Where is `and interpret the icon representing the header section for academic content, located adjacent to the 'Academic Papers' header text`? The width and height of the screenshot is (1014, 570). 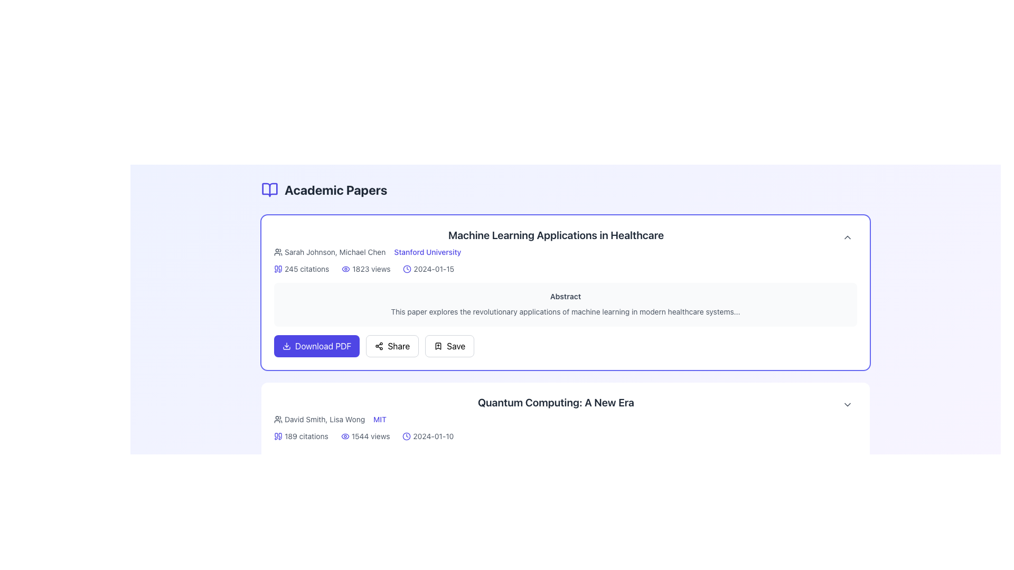 and interpret the icon representing the header section for academic content, located adjacent to the 'Academic Papers' header text is located at coordinates (269, 189).